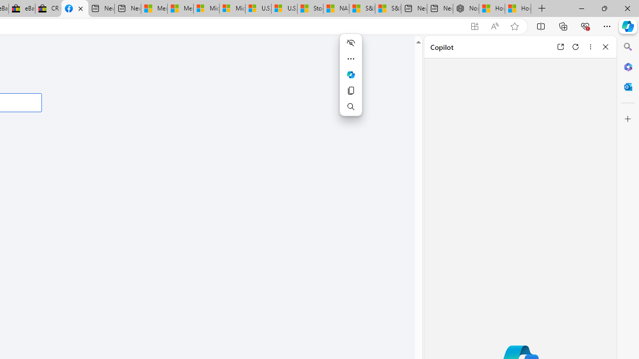 Image resolution: width=639 pixels, height=359 pixels. What do you see at coordinates (628, 119) in the screenshot?
I see `'Customize'` at bounding box center [628, 119].